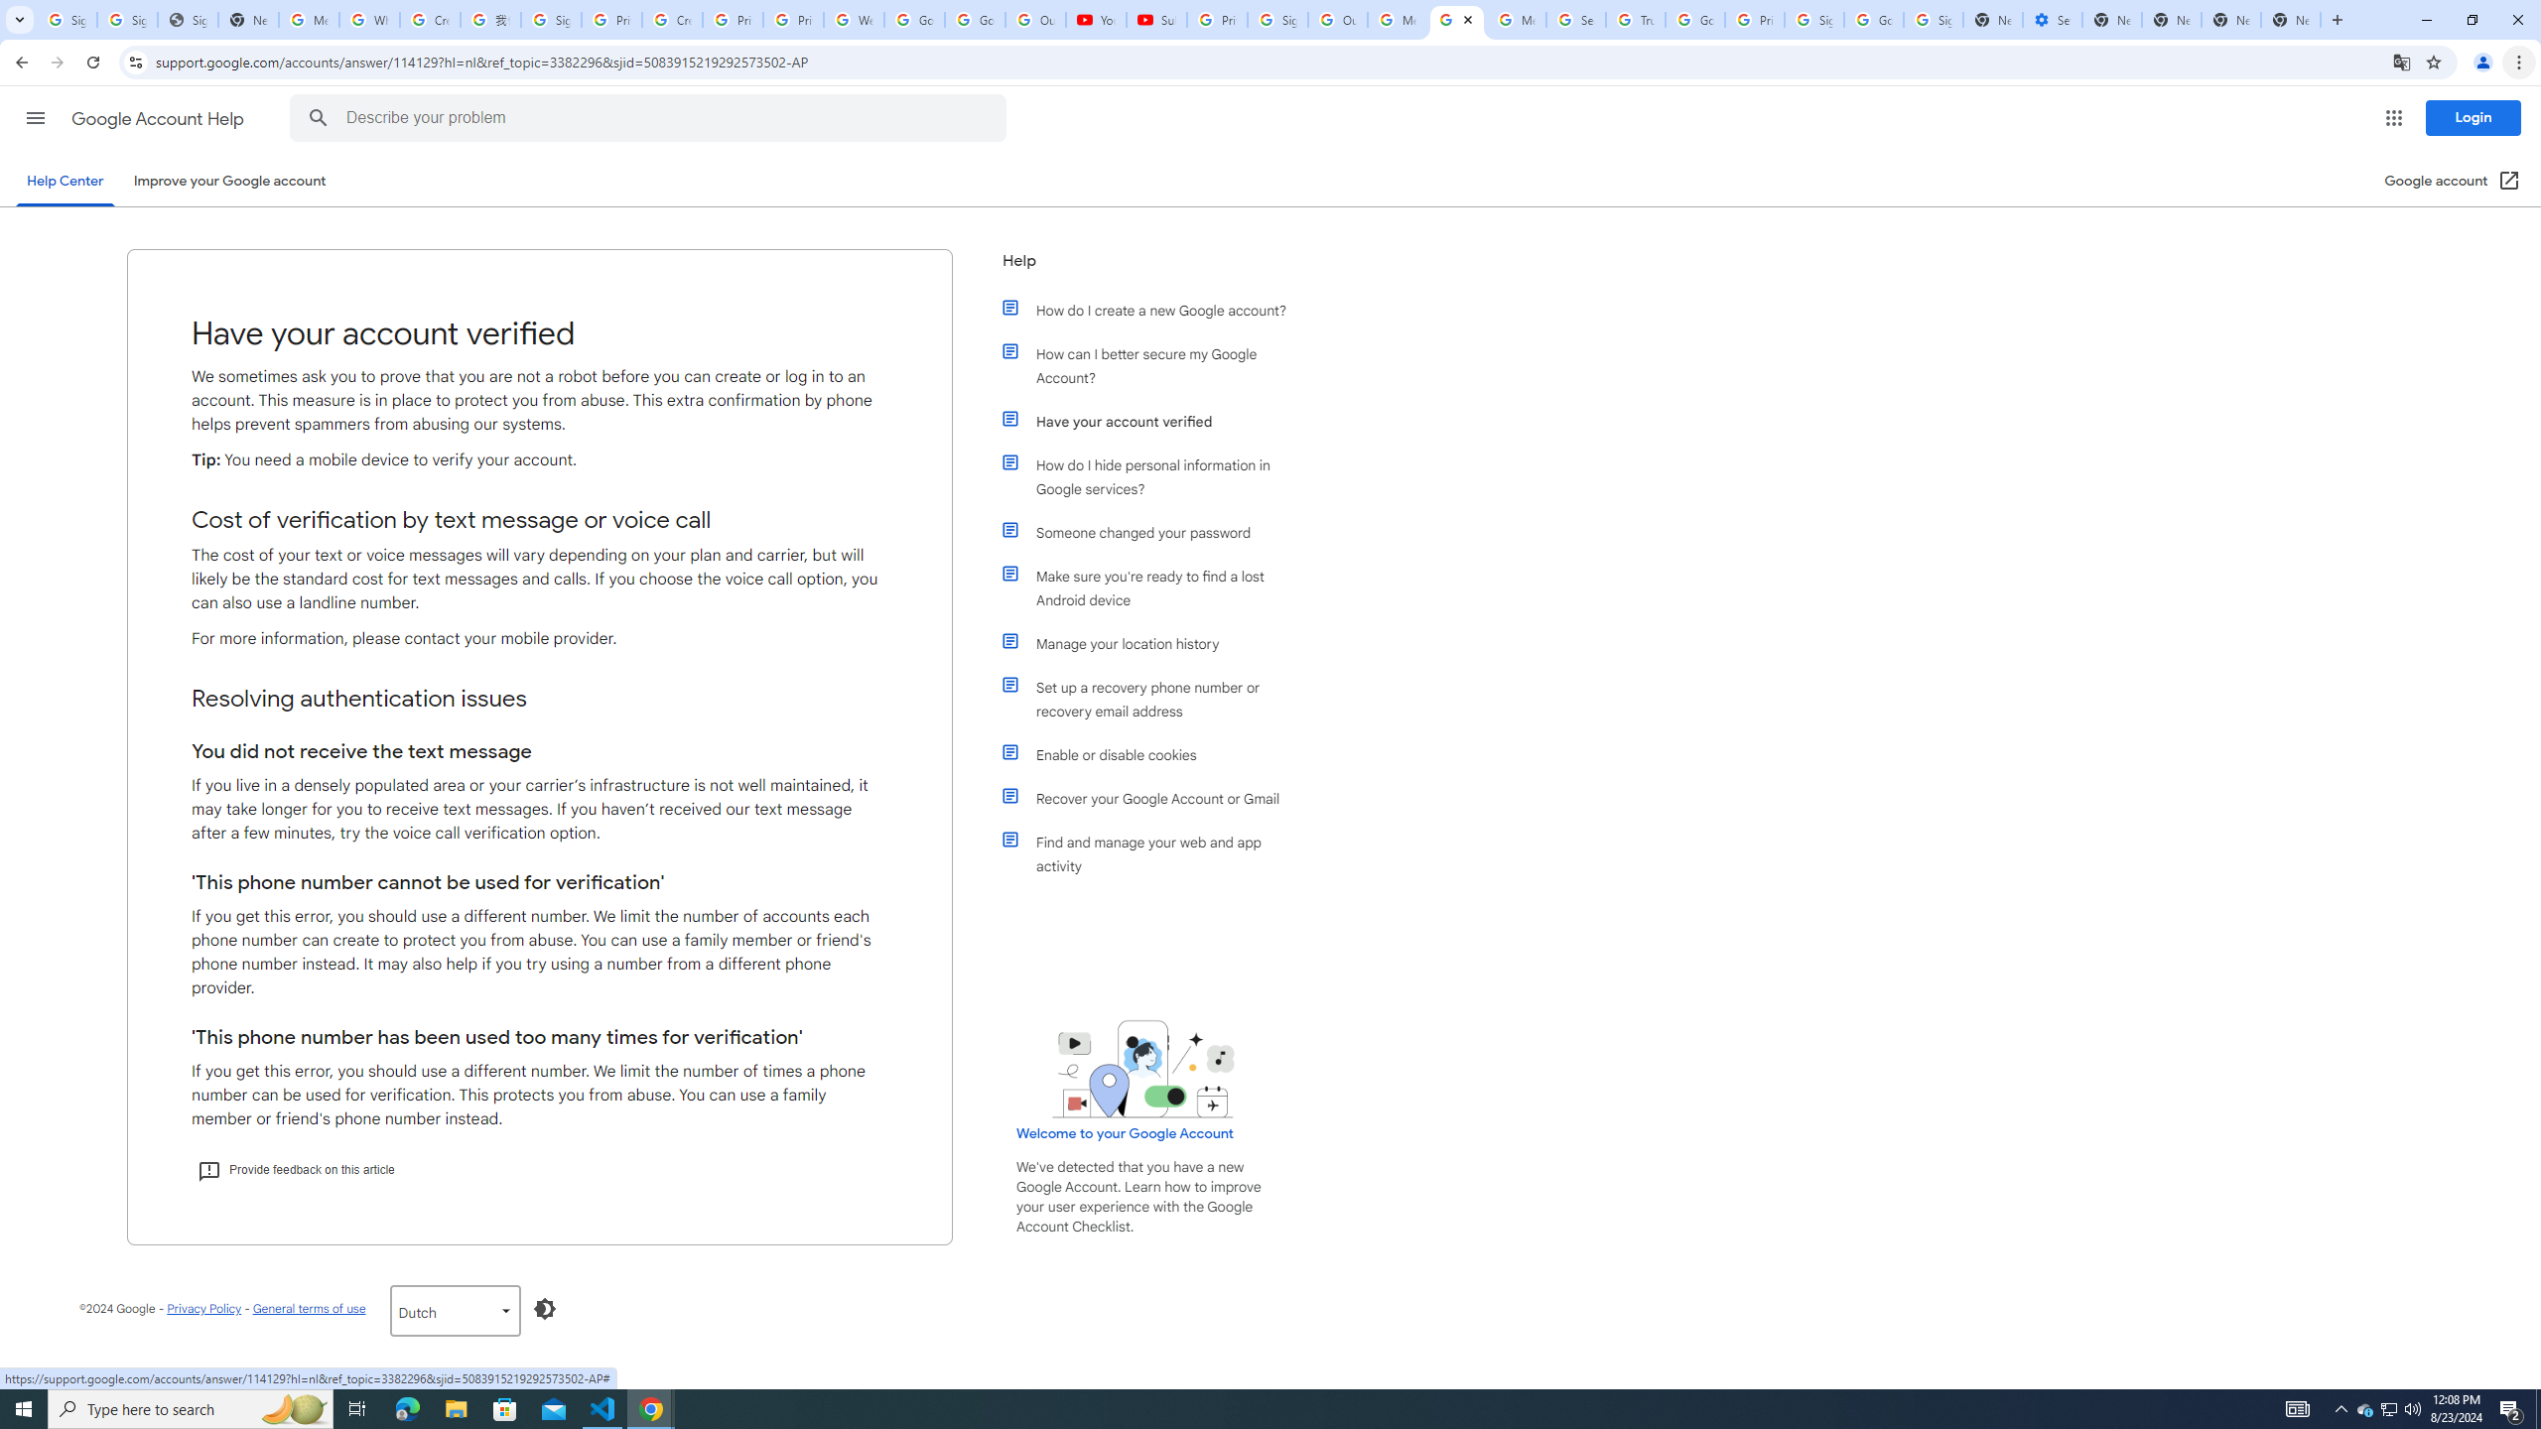 The height and width of the screenshot is (1429, 2541). I want to click on 'Enable or disable cookies', so click(1153, 755).